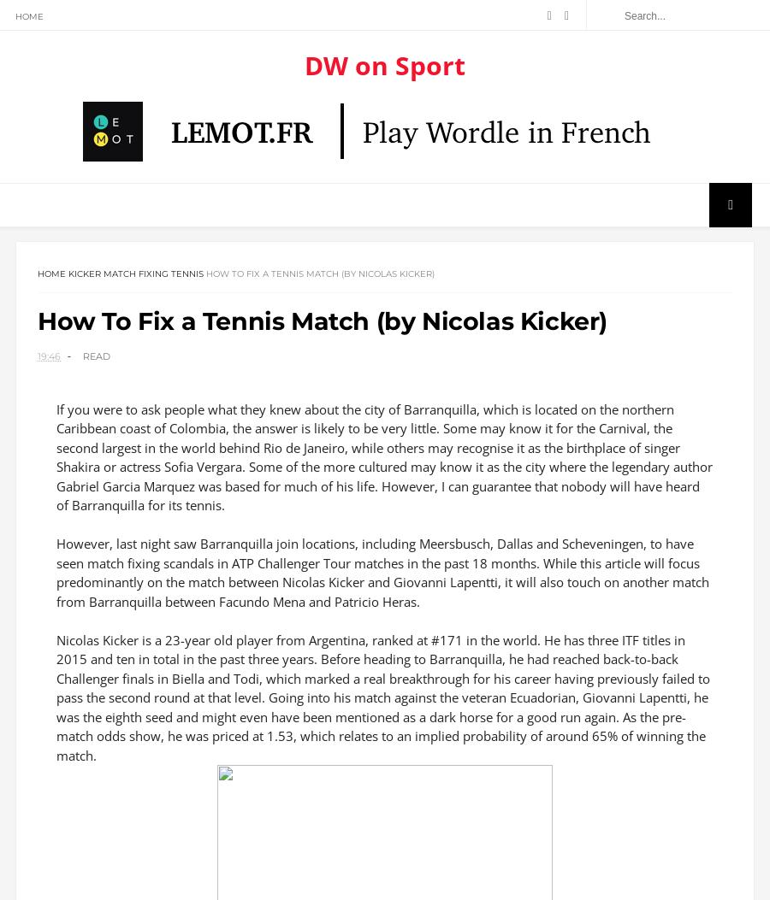  Describe the element at coordinates (48, 362) in the screenshot. I see `'19:46'` at that location.